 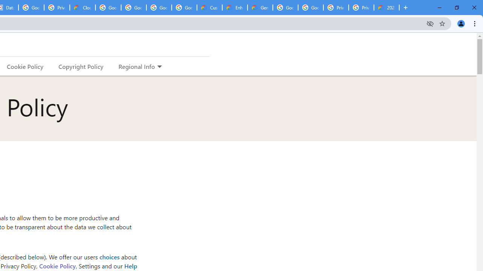 I want to click on 'choices', so click(x=109, y=256).